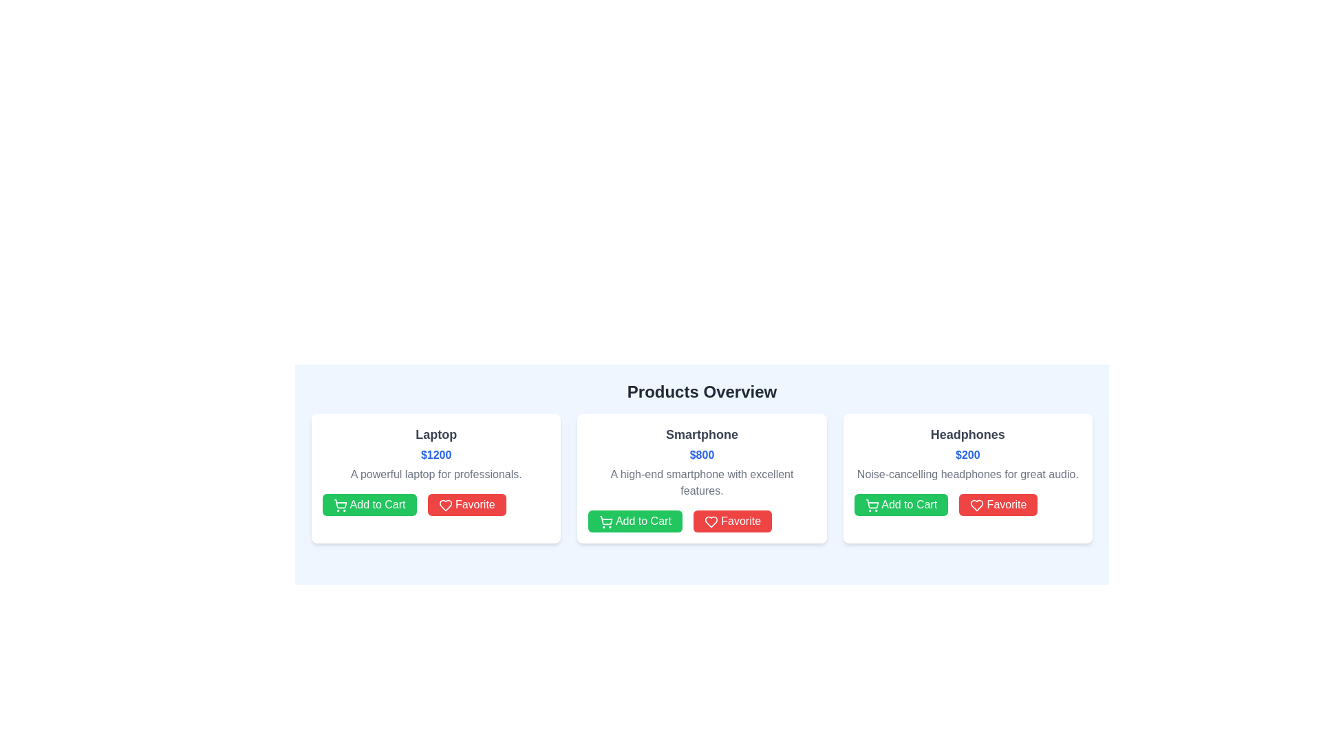 This screenshot has height=743, width=1321. I want to click on the shopping cart icon outlined in green, located within the 'Add to Cart' button at the bottom left corner of the 'Smartphone' product card, so click(871, 505).